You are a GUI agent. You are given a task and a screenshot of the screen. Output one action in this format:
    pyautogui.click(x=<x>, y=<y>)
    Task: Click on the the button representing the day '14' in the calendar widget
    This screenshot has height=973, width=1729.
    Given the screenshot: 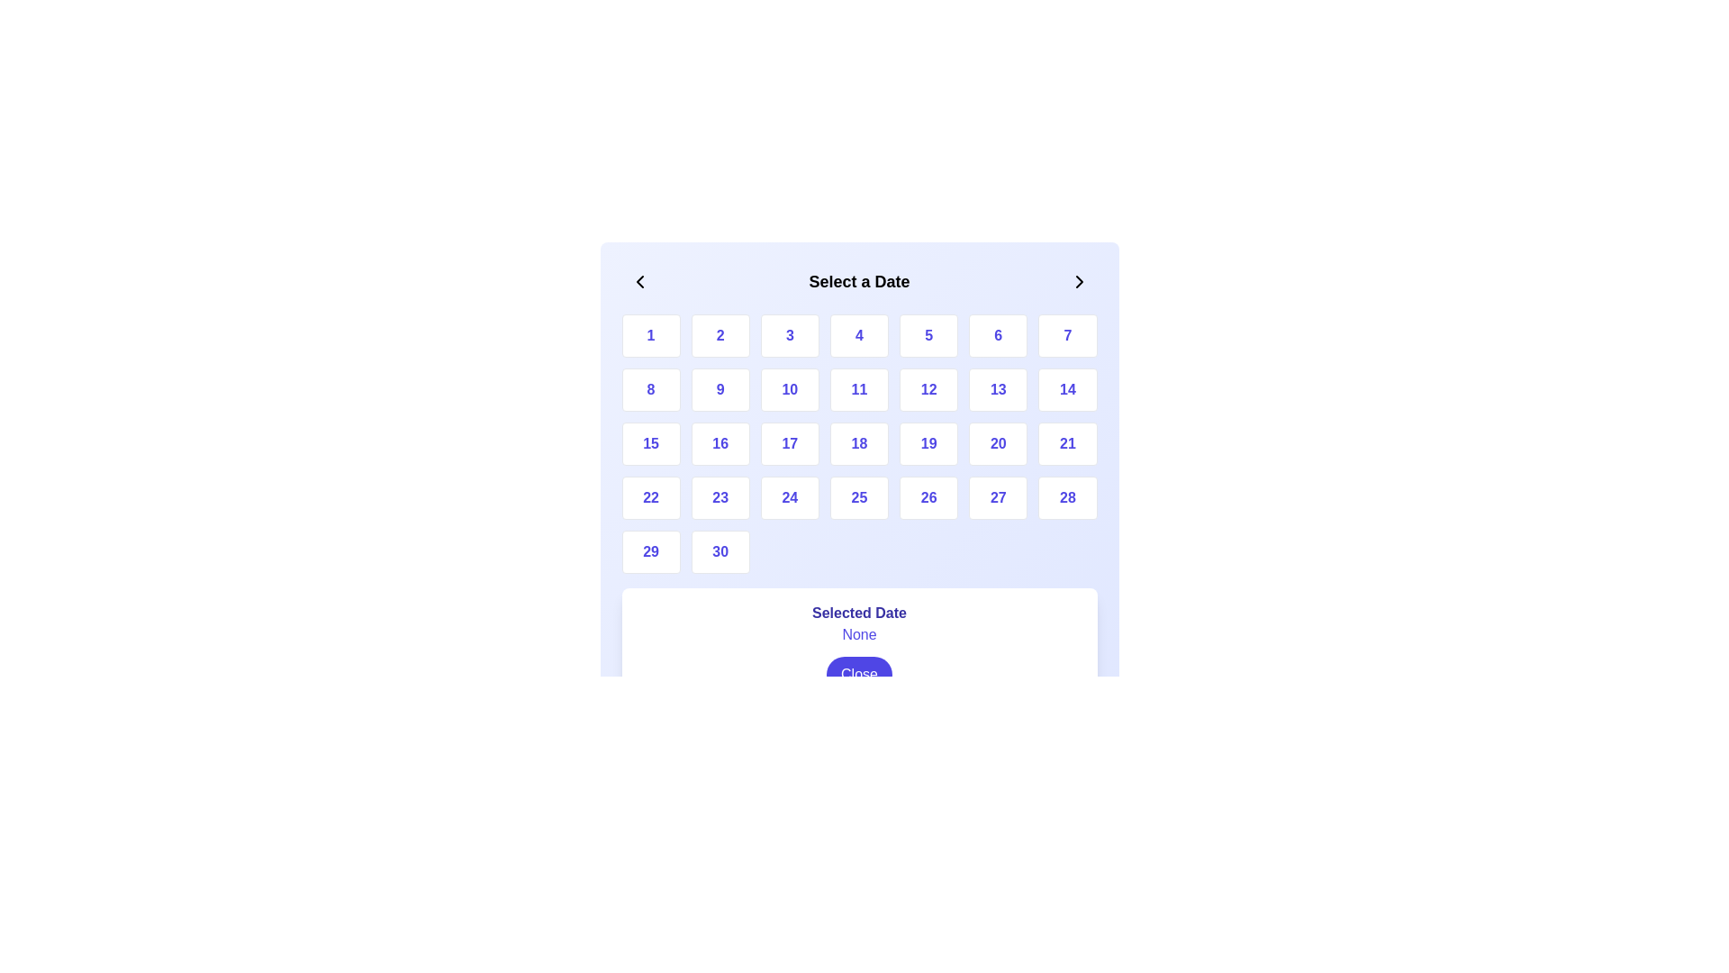 What is the action you would take?
    pyautogui.click(x=1067, y=388)
    